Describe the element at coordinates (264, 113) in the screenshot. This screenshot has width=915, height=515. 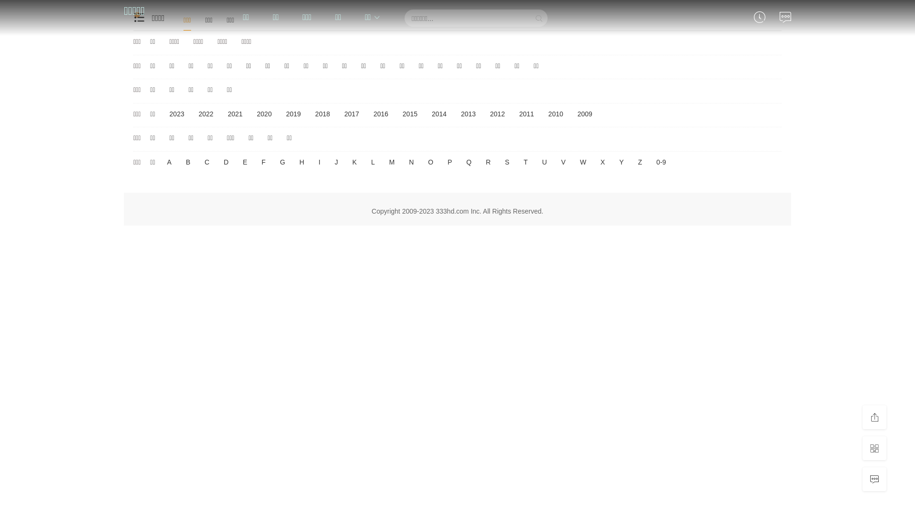
I see `'2020'` at that location.